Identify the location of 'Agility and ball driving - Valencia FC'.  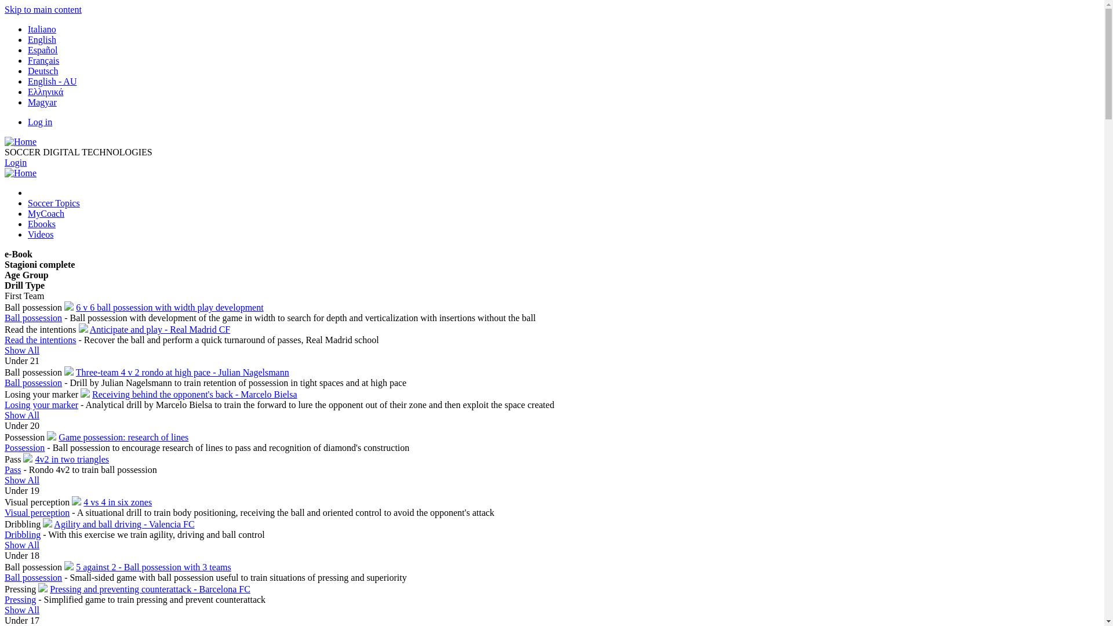
(124, 524).